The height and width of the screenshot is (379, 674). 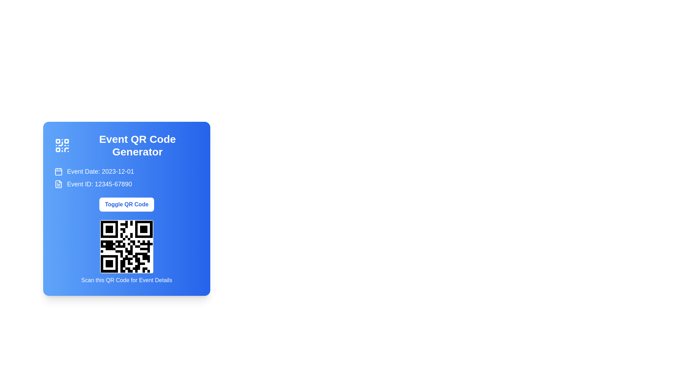 What do you see at coordinates (137, 145) in the screenshot?
I see `the Header or Title Text for the QR code generation section, which is prominently displayed at the top center of a blue card-like interface` at bounding box center [137, 145].